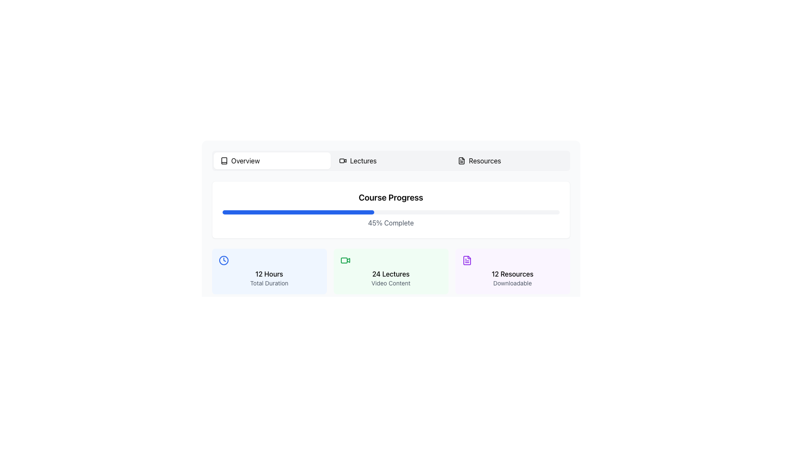 The width and height of the screenshot is (811, 456). Describe the element at coordinates (343, 161) in the screenshot. I see `the compact video camera icon located to the far left of the 'Lectures' button in the upper portion of the interface` at that location.